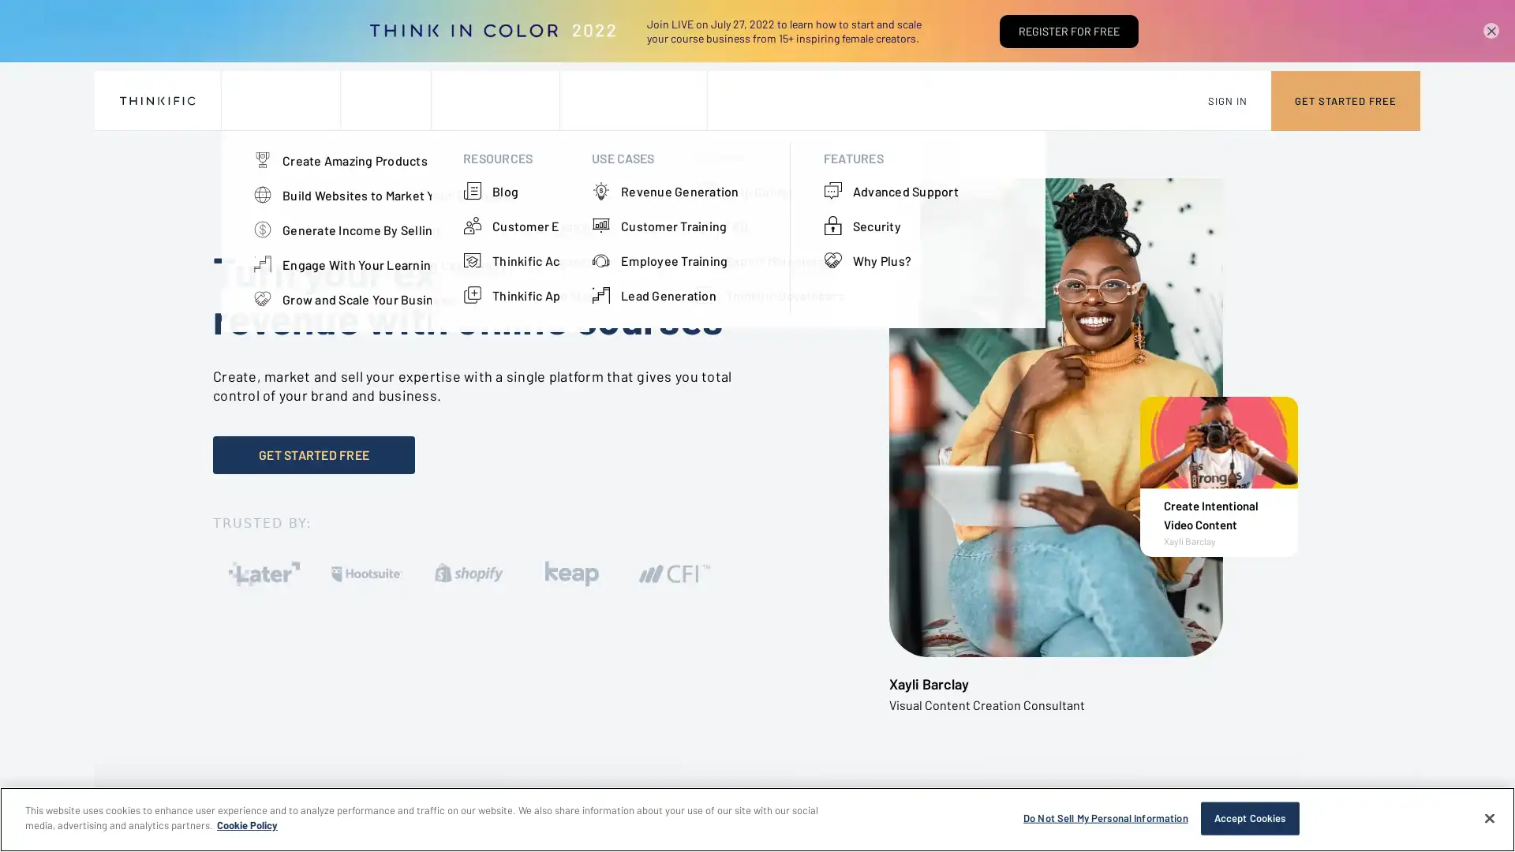  I want to click on Accept Cookies, so click(1248, 817).